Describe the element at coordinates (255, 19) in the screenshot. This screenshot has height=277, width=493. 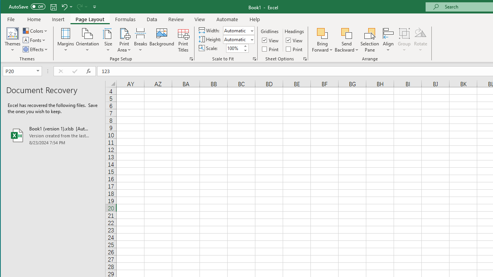
I see `'Help'` at that location.